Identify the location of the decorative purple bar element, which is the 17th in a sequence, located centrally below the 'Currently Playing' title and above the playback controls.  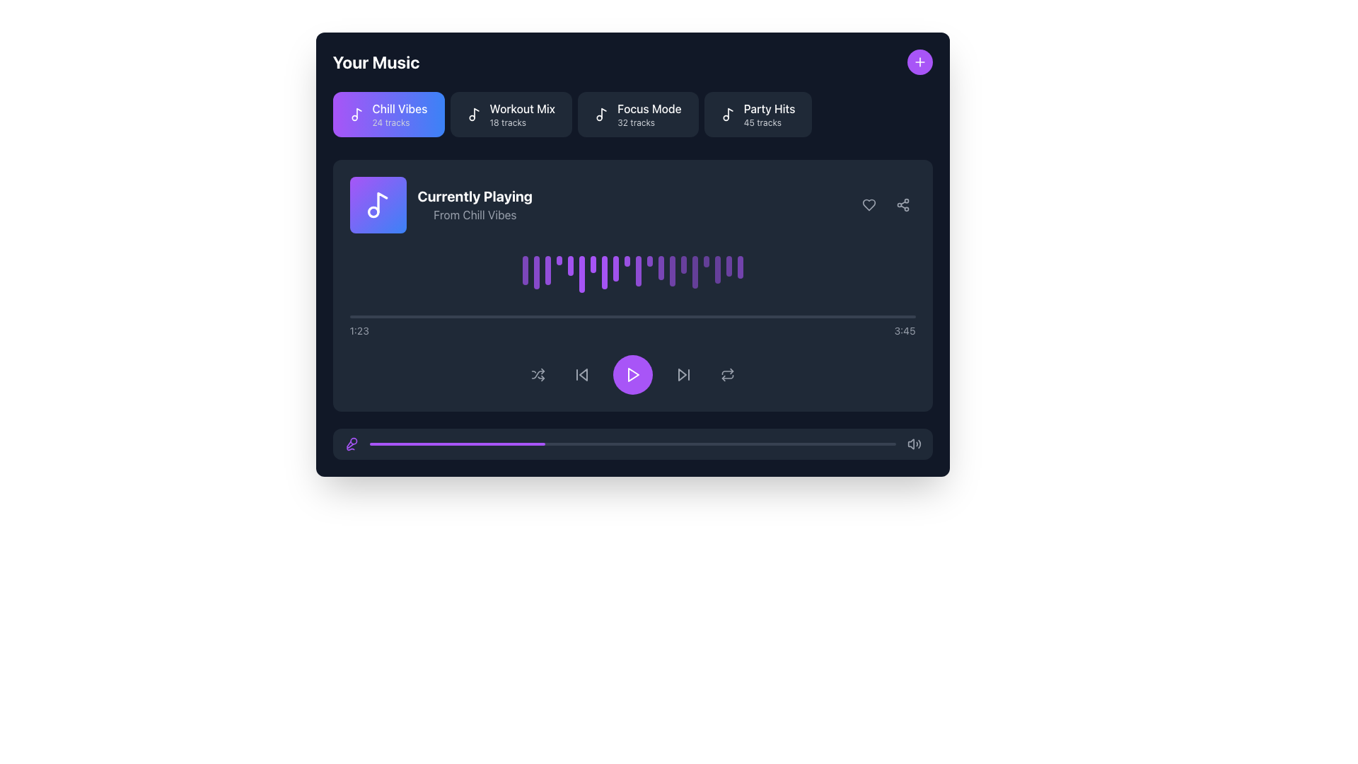
(706, 261).